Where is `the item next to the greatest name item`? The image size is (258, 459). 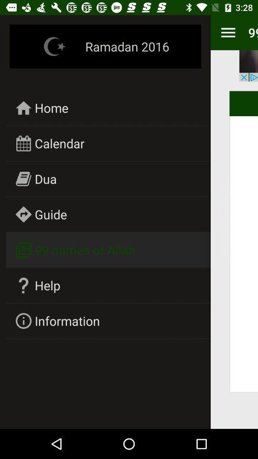 the item next to the greatest name item is located at coordinates (66, 321).